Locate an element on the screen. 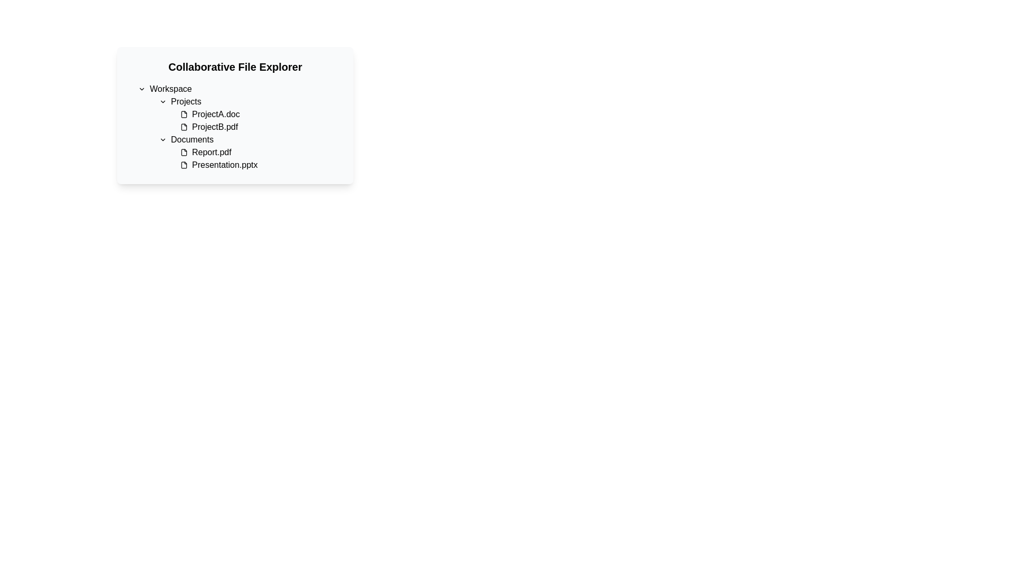  the 'Workspace' text label is located at coordinates (170, 89).